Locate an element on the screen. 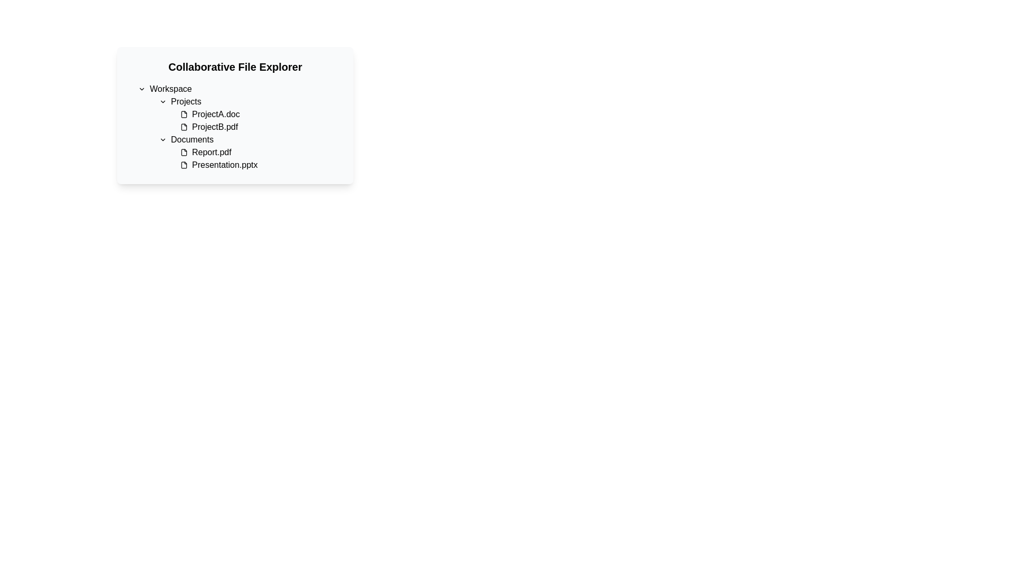  the 'Workspace' text label is located at coordinates (170, 89).